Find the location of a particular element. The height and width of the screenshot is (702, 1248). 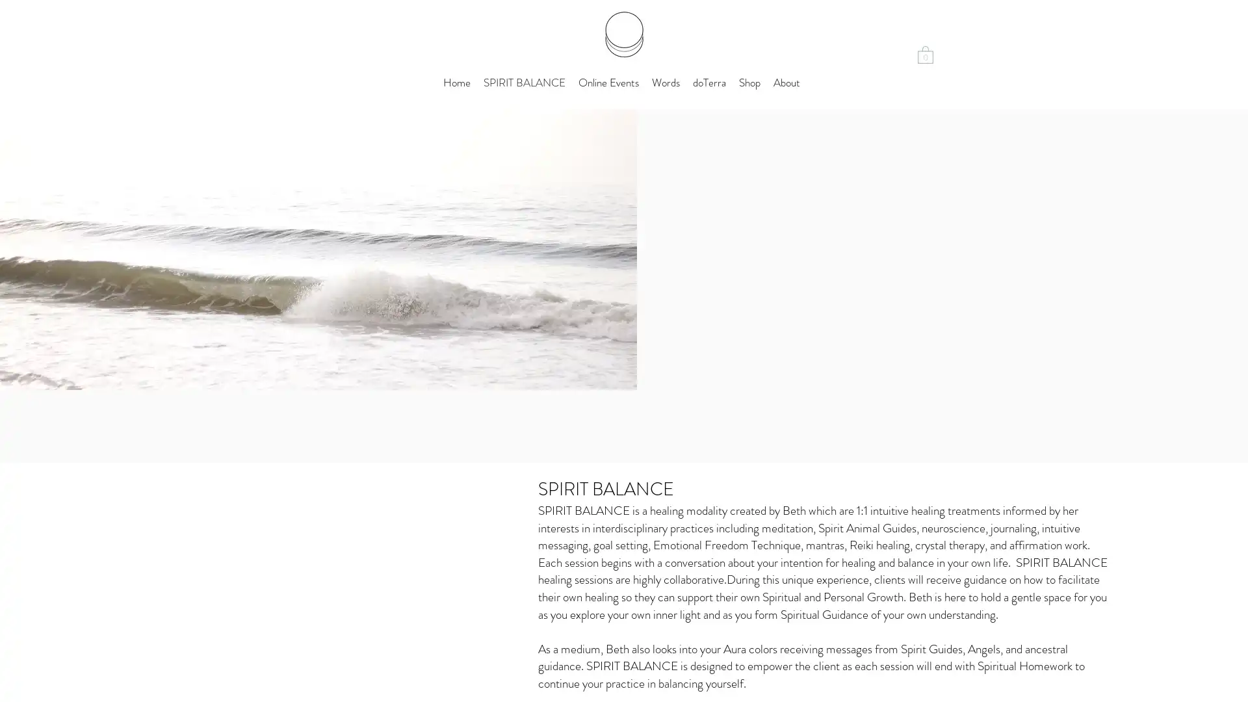

Cart with 0 items is located at coordinates (925, 53).